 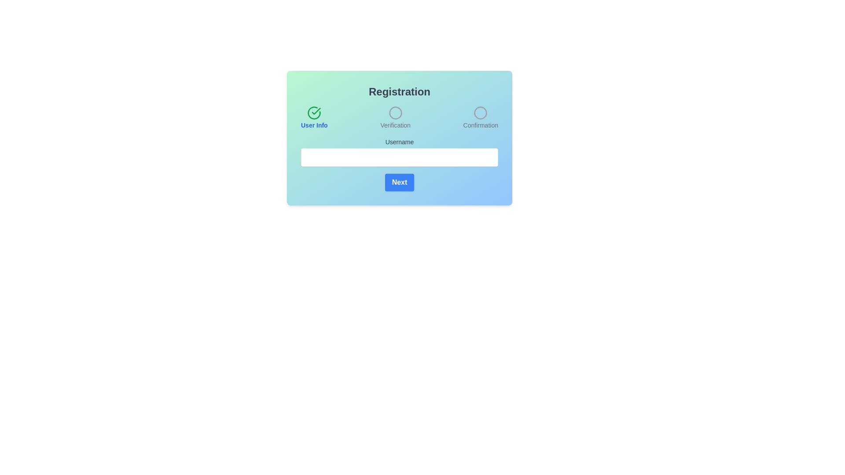 I want to click on the last step indicator circle for the 'Confirmation' step, which is a thin gray outlined circle with a diameter of 20 pixels, so click(x=480, y=113).